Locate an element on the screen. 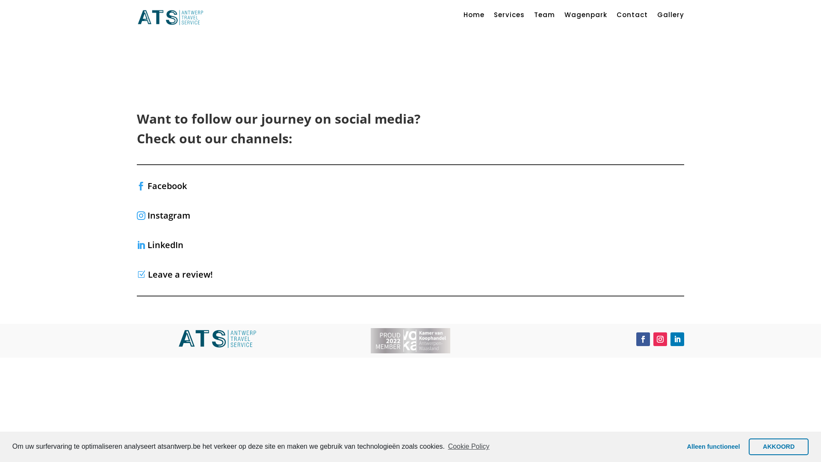 Image resolution: width=821 pixels, height=462 pixels. 'ATS-LOGO-nocity' is located at coordinates (177, 338).